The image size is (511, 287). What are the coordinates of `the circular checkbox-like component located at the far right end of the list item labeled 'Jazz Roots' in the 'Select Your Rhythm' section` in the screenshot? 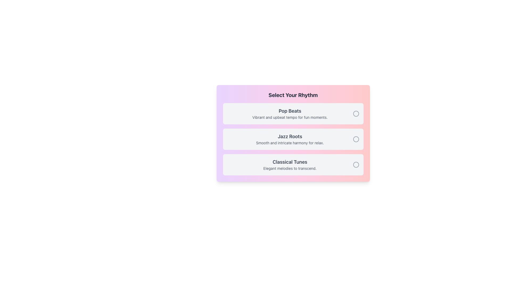 It's located at (356, 139).